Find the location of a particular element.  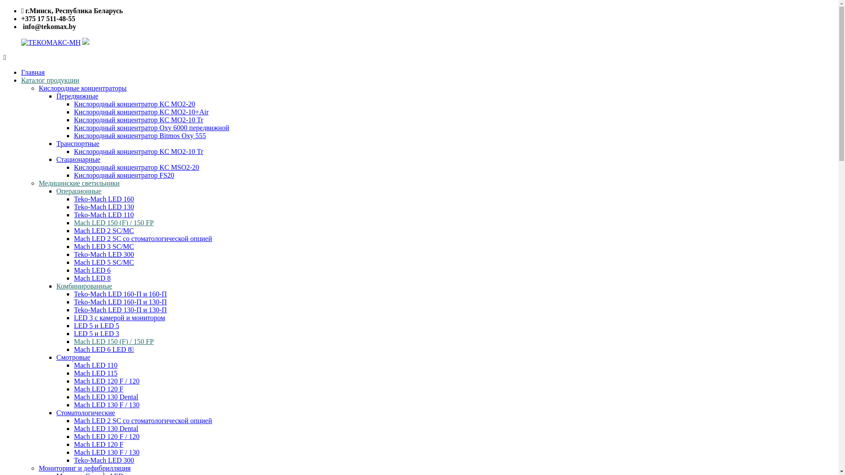

'Mach LED 3 SC/MC' is located at coordinates (103, 246).